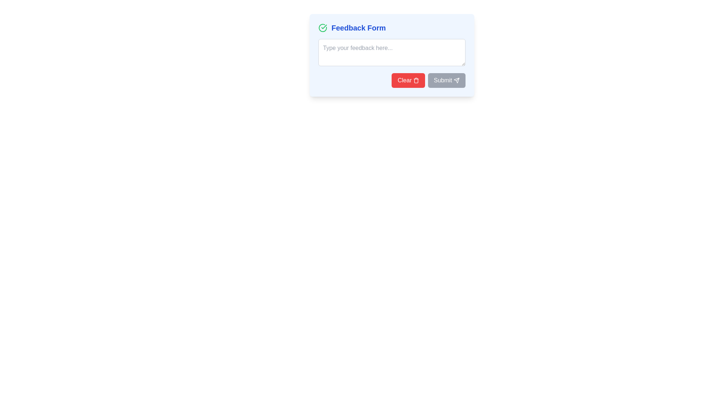 This screenshot has height=397, width=706. What do you see at coordinates (456, 81) in the screenshot?
I see `the triangular paper airplane icon within the 'Submit' button of the 'Feedback Form'` at bounding box center [456, 81].